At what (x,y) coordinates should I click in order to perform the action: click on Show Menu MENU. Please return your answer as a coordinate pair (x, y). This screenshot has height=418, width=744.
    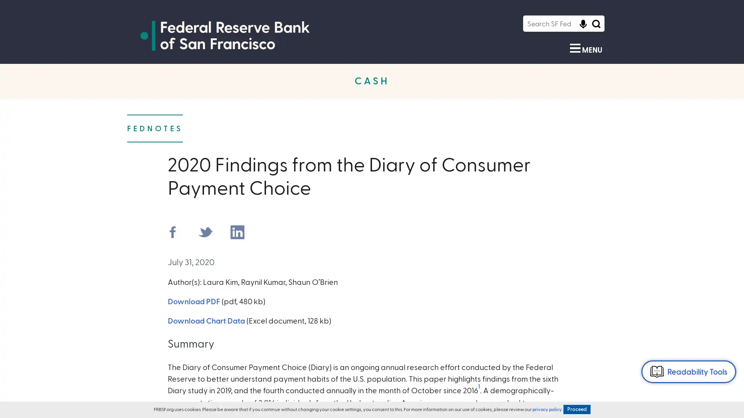
    Looking at the image, I should click on (585, 49).